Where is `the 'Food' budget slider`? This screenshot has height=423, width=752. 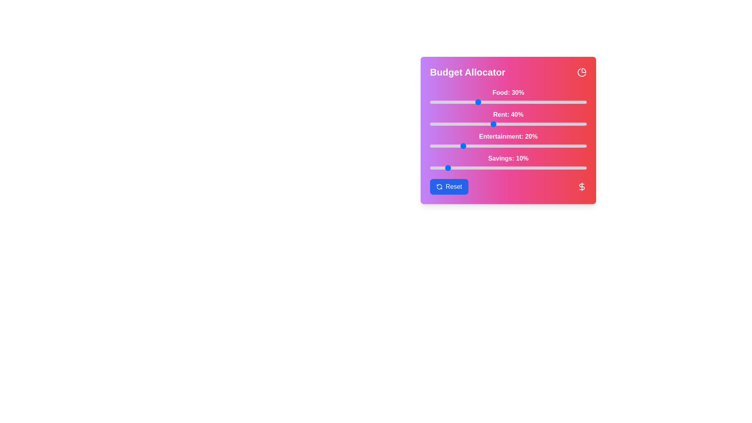
the 'Food' budget slider is located at coordinates (468, 102).